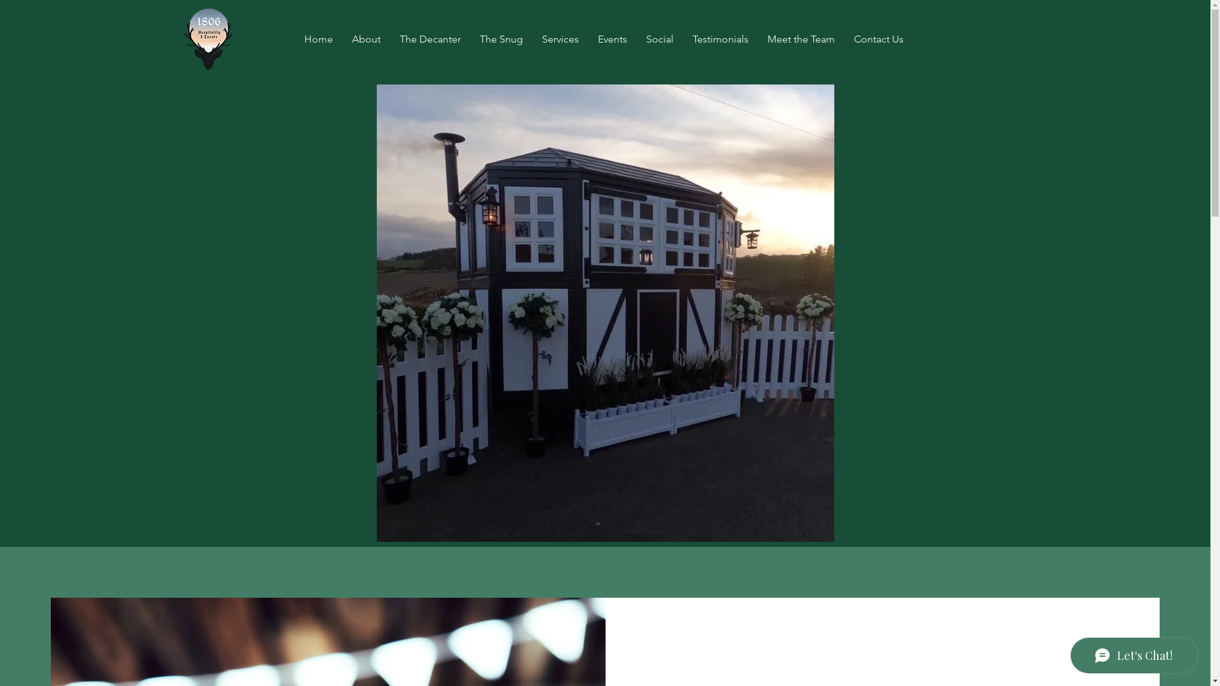 Image resolution: width=1220 pixels, height=686 pixels. I want to click on 'Events', so click(588, 38).